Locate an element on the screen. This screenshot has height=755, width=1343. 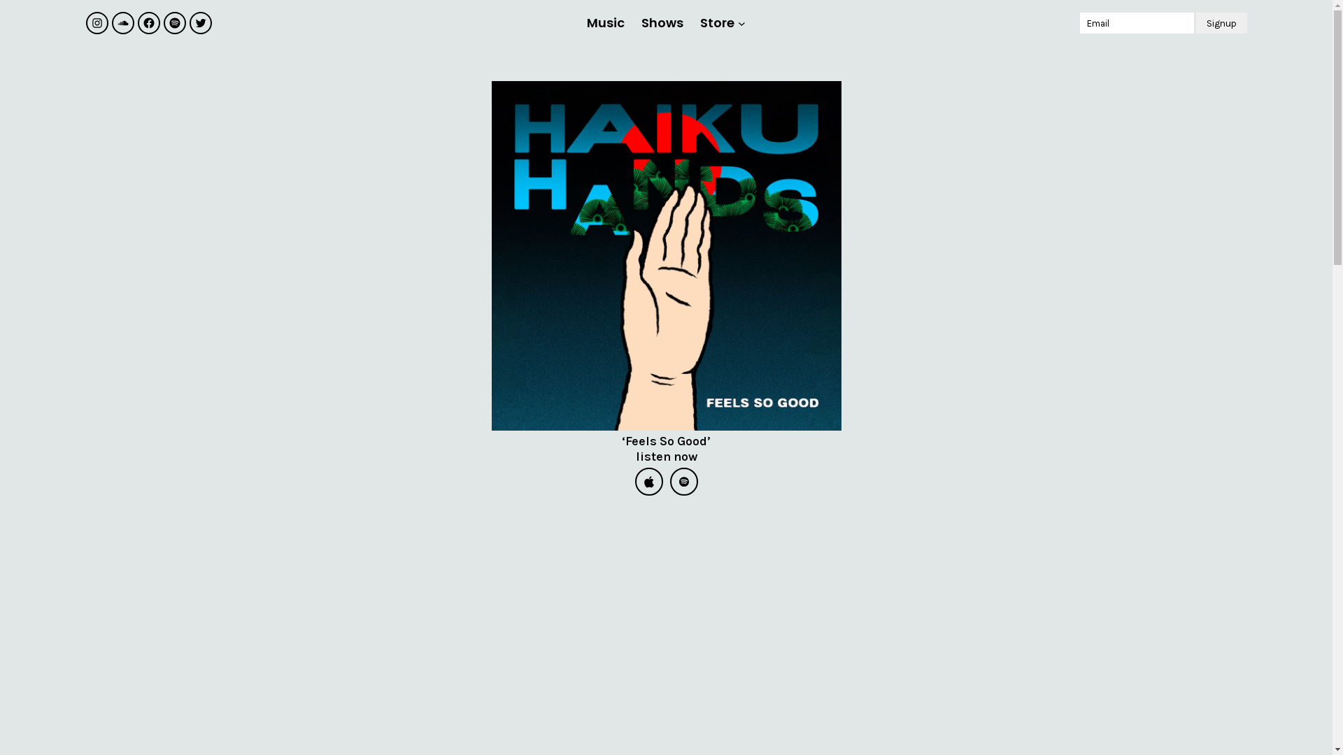
'Music' is located at coordinates (605, 23).